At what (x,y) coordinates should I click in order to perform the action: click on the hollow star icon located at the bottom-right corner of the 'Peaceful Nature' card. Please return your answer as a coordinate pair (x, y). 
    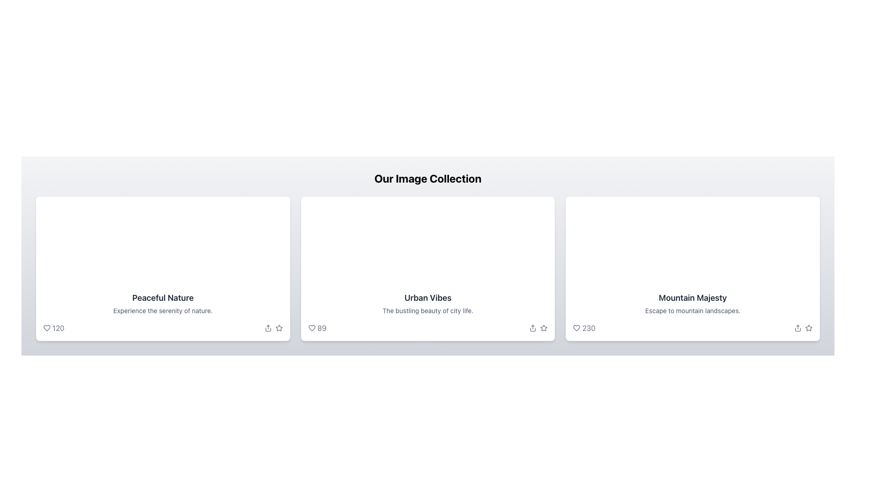
    Looking at the image, I should click on (278, 327).